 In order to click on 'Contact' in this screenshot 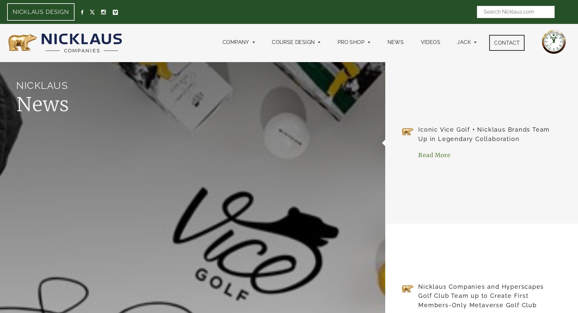, I will do `click(507, 42)`.